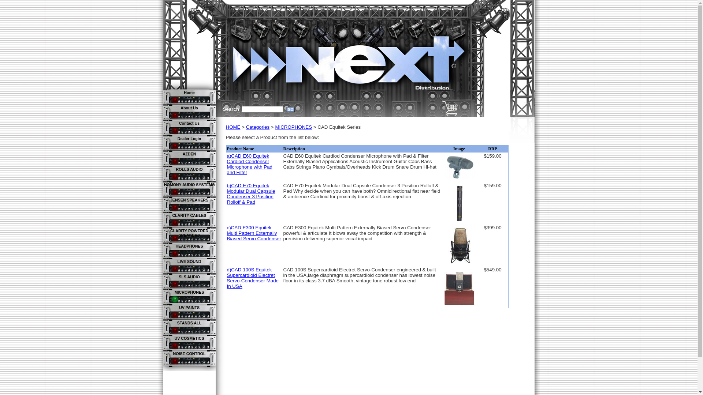 The image size is (703, 395). I want to click on 'CLARITY CABLES', so click(189, 215).